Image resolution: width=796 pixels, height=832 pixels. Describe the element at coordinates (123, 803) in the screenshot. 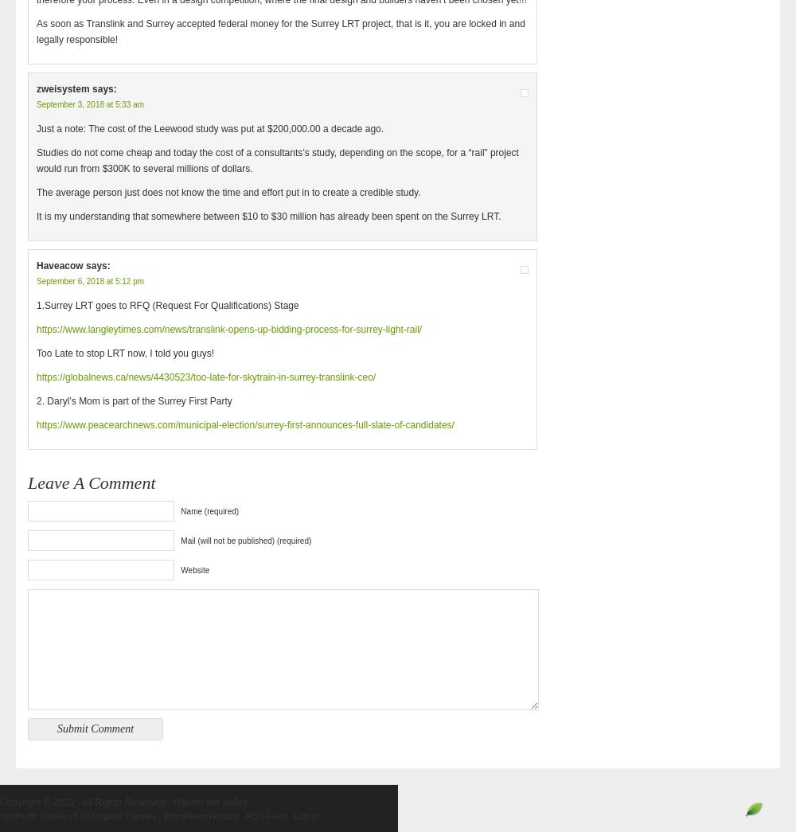

I see `'Copyright © 2023 · All Rights Reserved · Rail for the Valley'` at that location.